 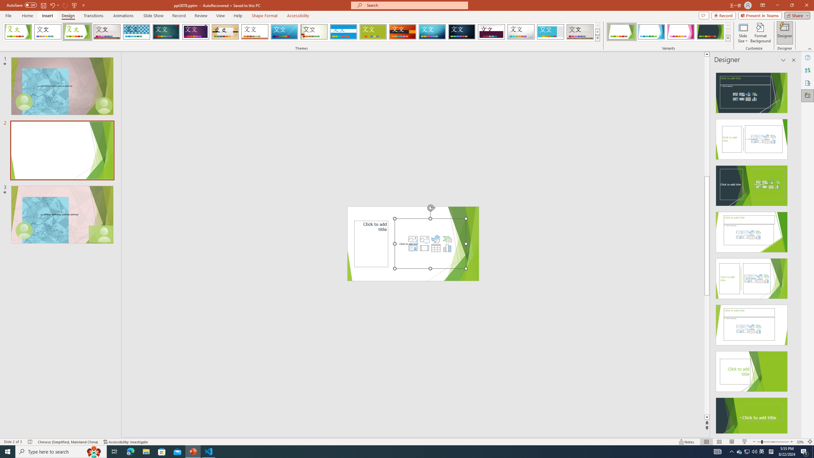 What do you see at coordinates (48, 31) in the screenshot?
I see `'Office Theme'` at bounding box center [48, 31].